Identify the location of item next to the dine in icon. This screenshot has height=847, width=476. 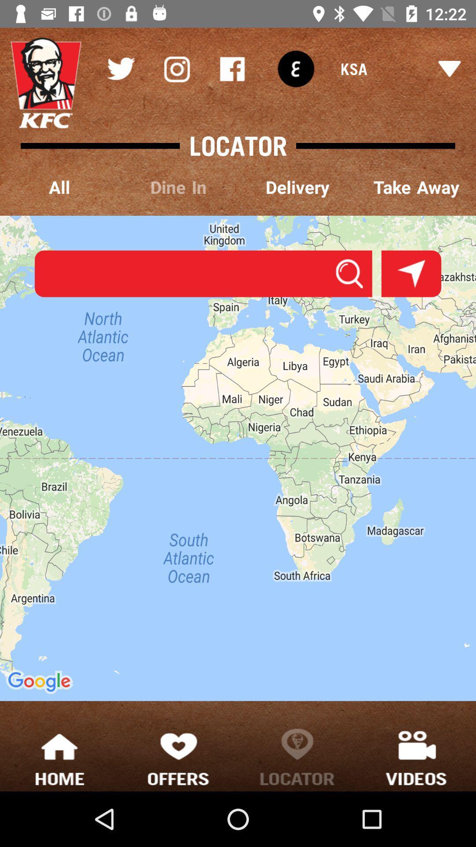
(59, 187).